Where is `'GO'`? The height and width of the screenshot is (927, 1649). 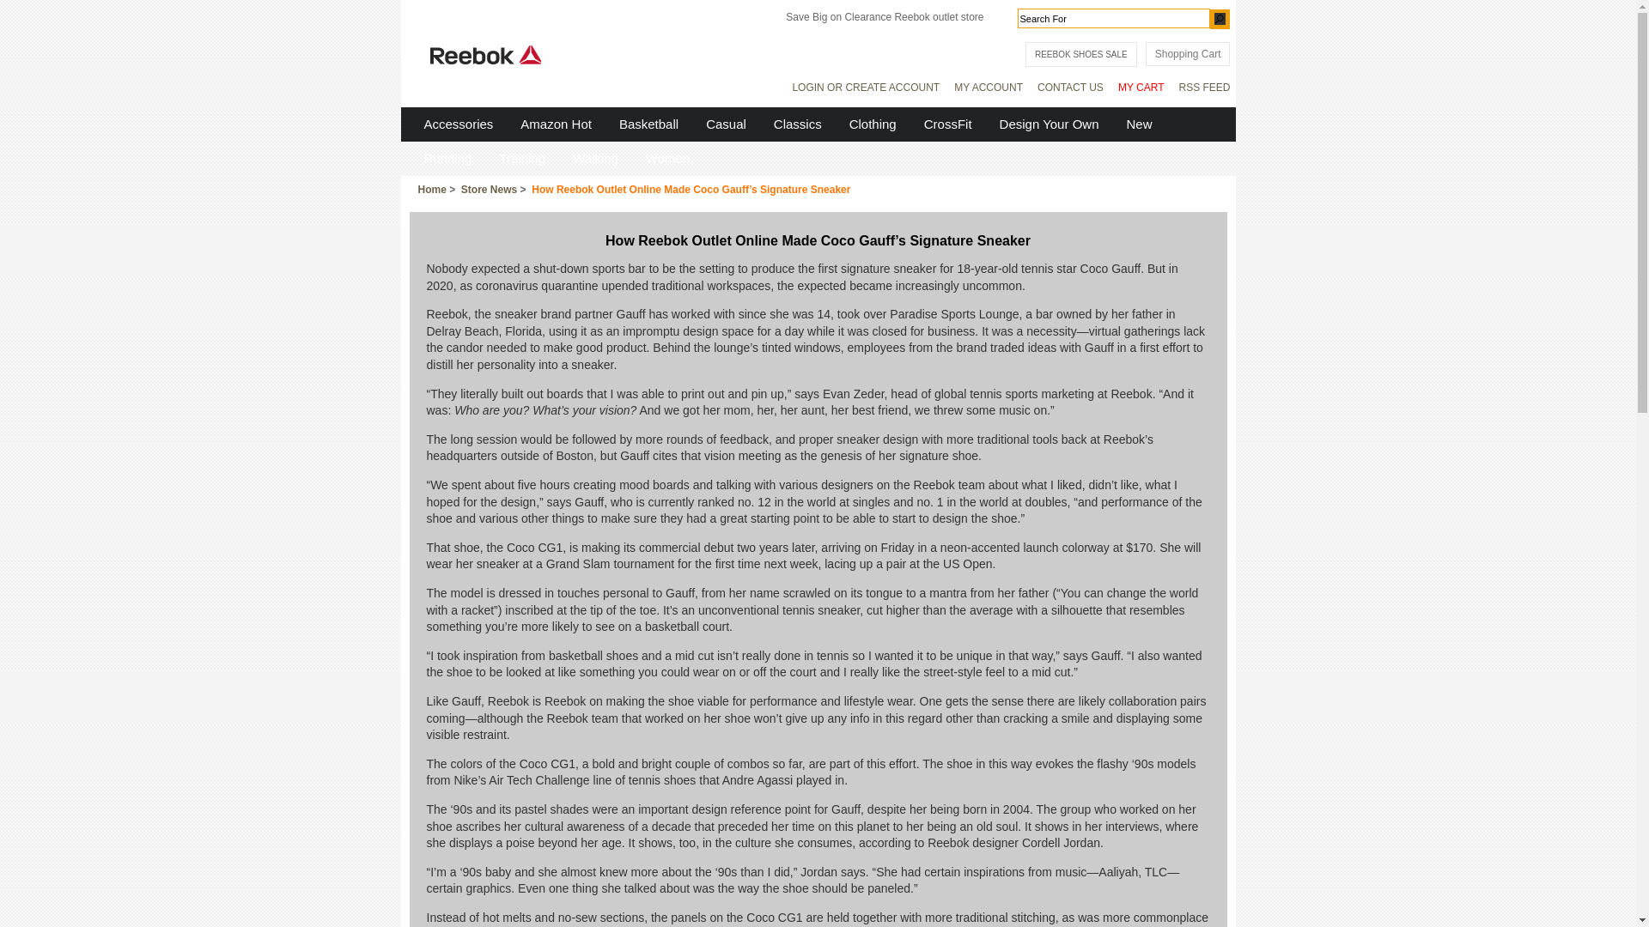 'GO' is located at coordinates (1219, 18).